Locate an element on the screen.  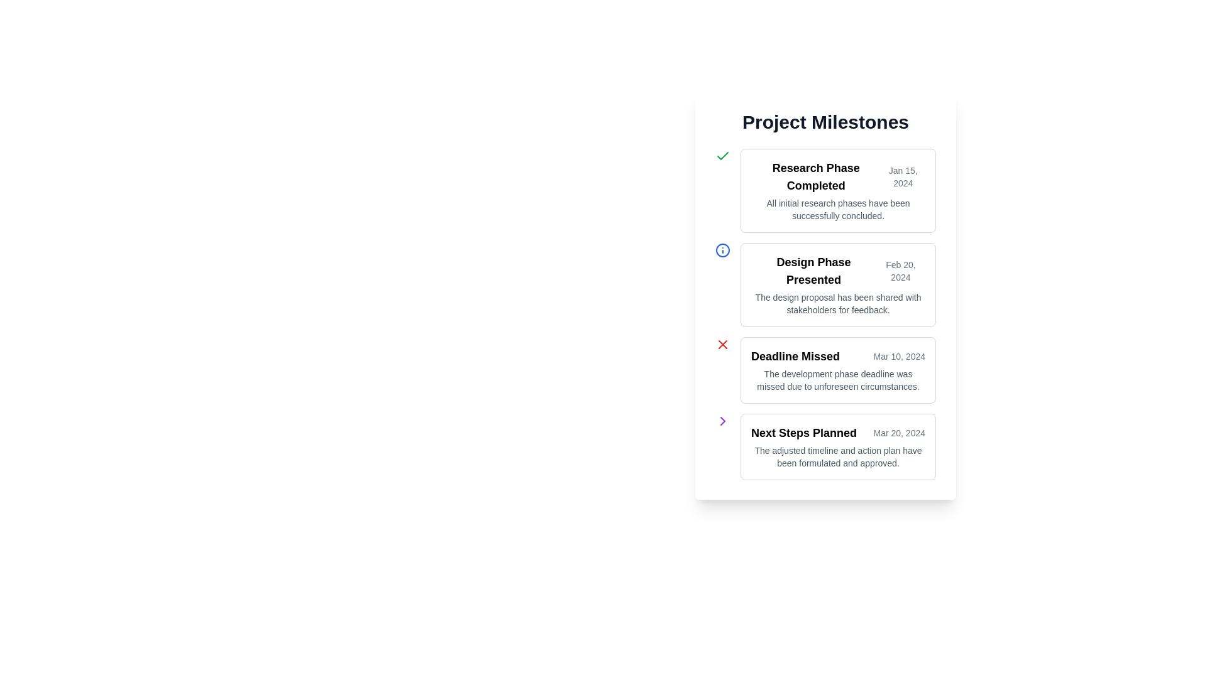
the circular blue outlined icon resembling an information symbol, which is located to the left of the 'Design Phase Presented' text in the second milestone card is located at coordinates (723, 250).